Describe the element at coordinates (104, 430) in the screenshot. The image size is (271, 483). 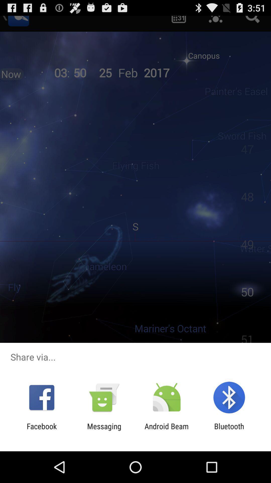
I see `messaging` at that location.